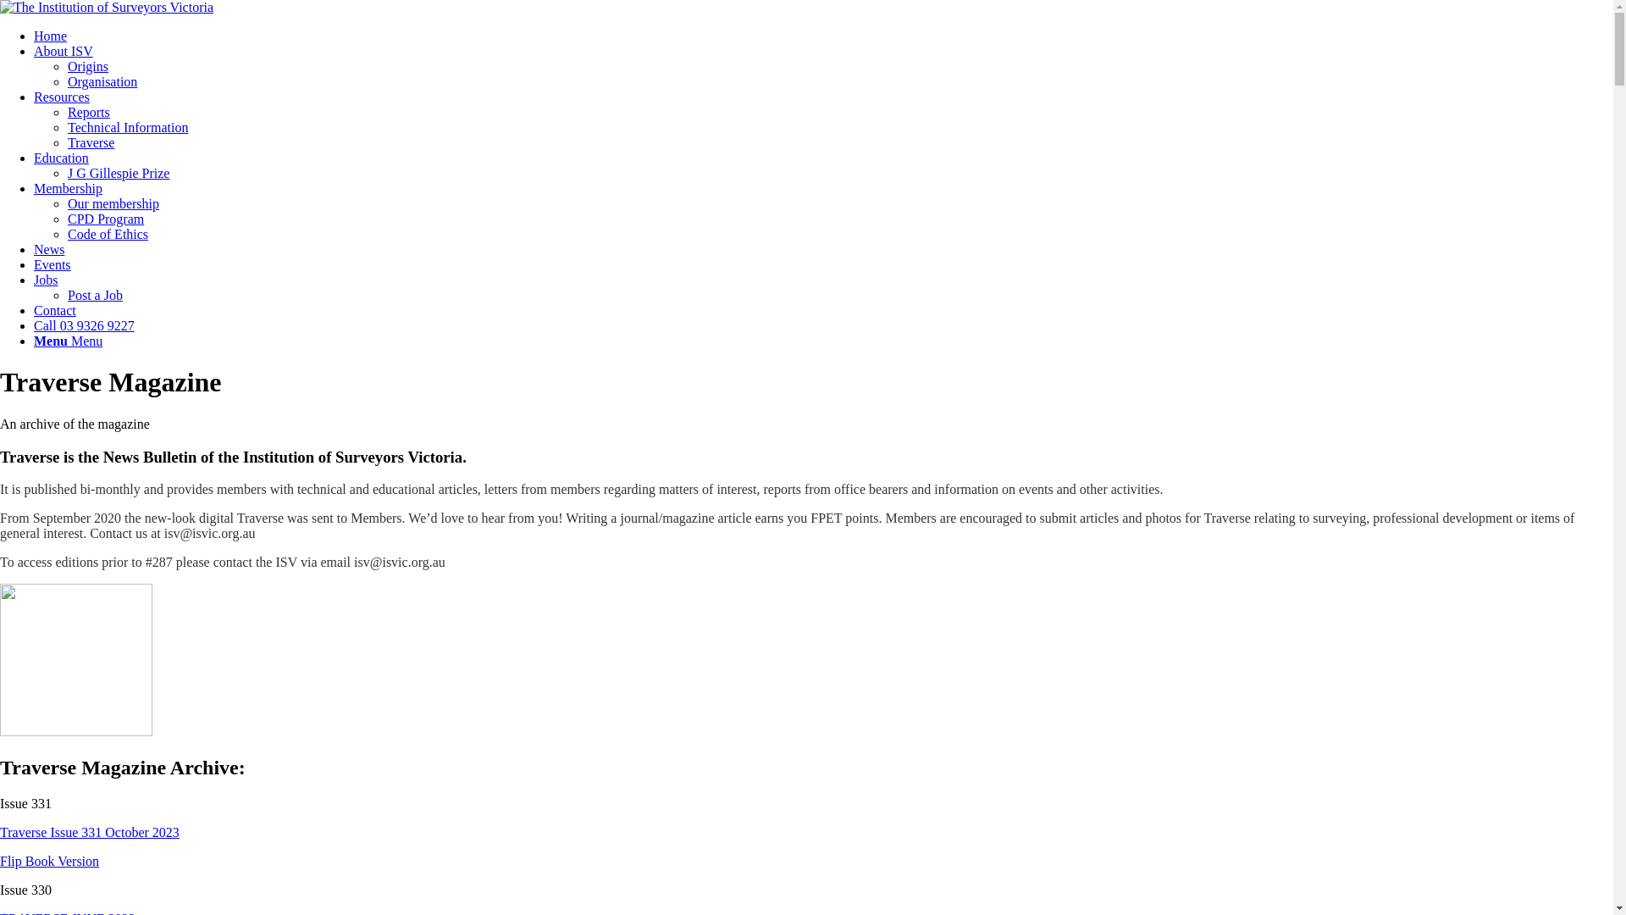 Image resolution: width=1626 pixels, height=915 pixels. I want to click on 'ISV-logo', so click(0, 7).